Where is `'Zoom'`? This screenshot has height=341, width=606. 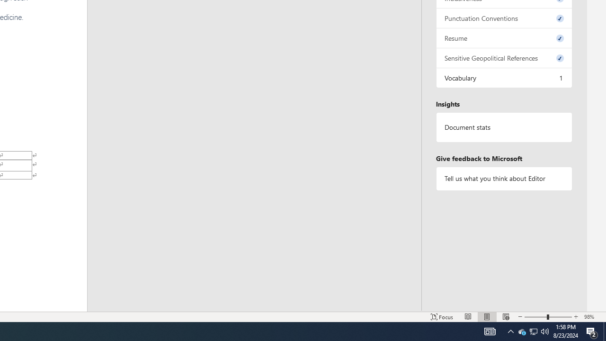
'Zoom' is located at coordinates (548, 317).